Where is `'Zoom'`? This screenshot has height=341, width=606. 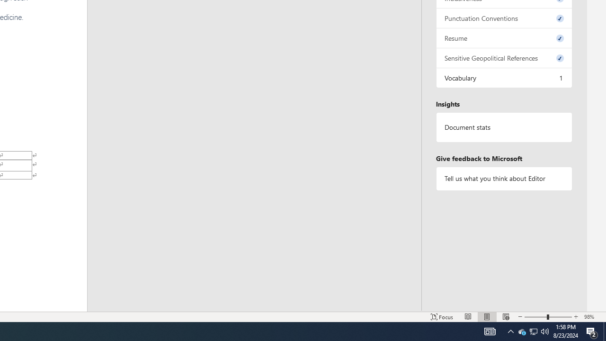
'Zoom' is located at coordinates (548, 317).